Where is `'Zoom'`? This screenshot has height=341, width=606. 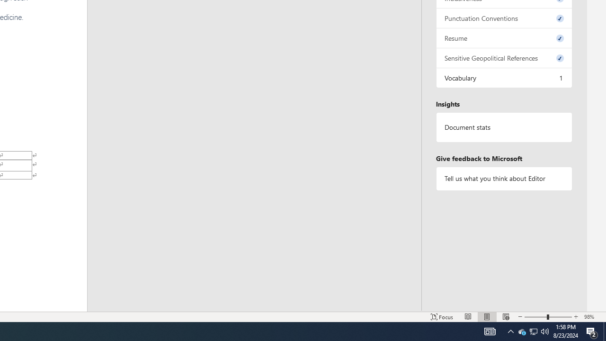
'Zoom' is located at coordinates (548, 317).